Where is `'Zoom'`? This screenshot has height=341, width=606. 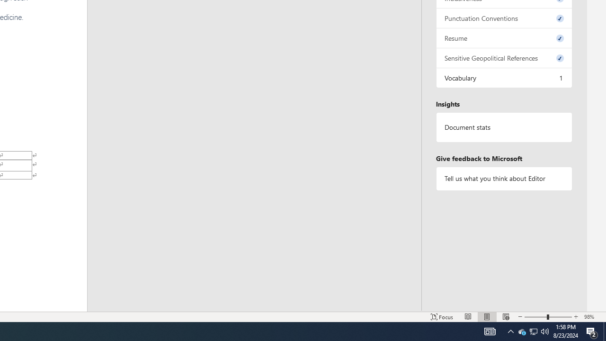
'Zoom' is located at coordinates (548, 317).